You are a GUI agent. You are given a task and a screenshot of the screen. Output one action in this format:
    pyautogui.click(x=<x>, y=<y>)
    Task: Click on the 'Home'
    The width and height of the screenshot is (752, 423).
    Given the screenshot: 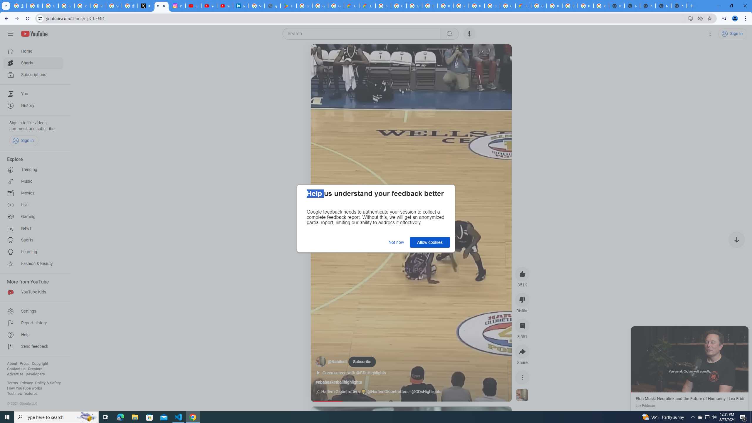 What is the action you would take?
    pyautogui.click(x=33, y=51)
    